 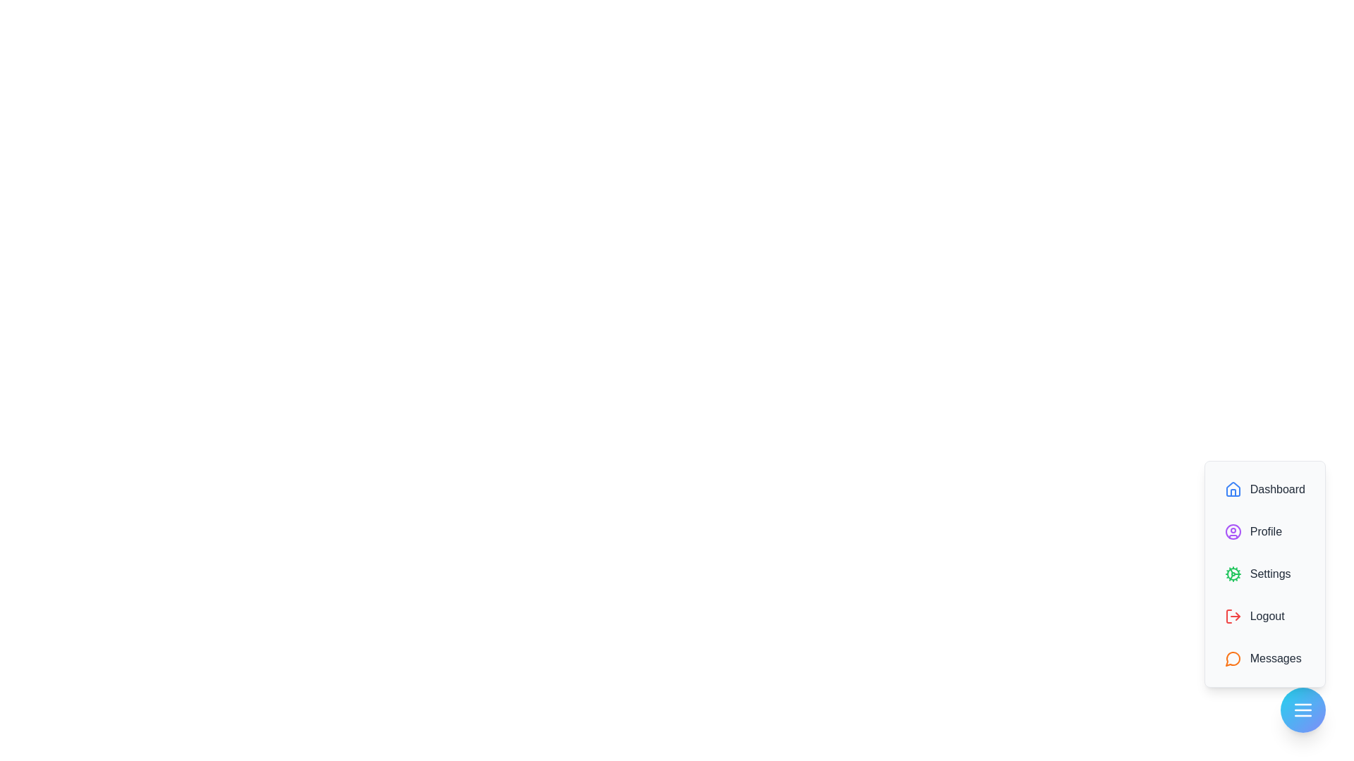 What do you see at coordinates (1264, 658) in the screenshot?
I see `the 'Messages' option in the menu` at bounding box center [1264, 658].